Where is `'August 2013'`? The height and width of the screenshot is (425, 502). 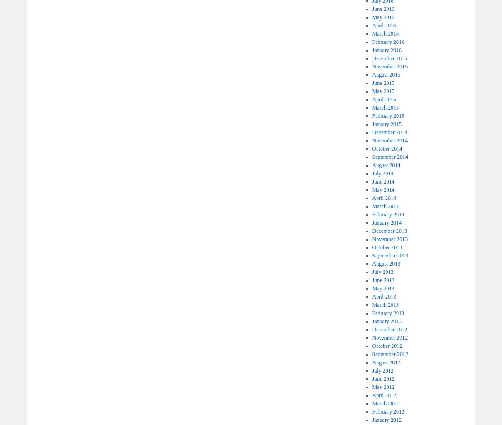 'August 2013' is located at coordinates (386, 263).